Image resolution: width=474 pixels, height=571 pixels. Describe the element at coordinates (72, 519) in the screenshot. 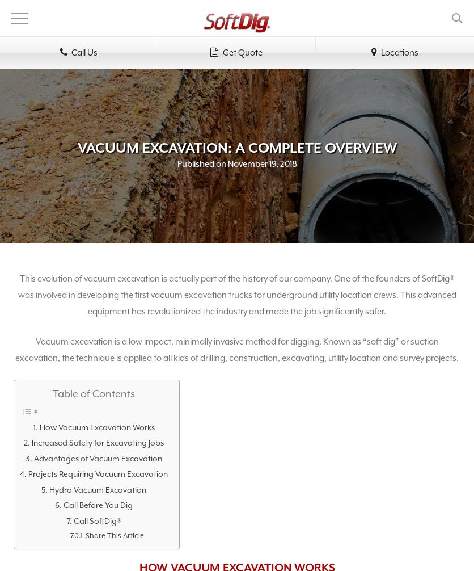

I see `'Call SoftDig®'` at that location.